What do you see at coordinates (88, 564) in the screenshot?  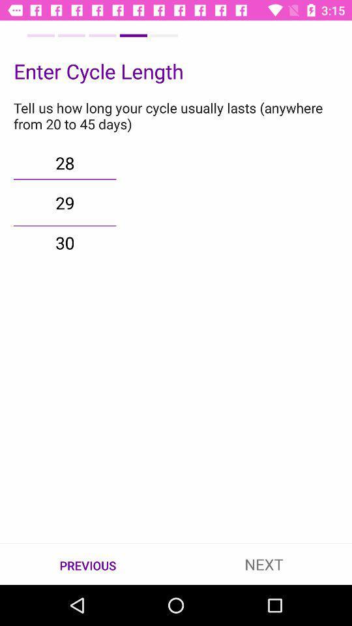 I see `the item next to next` at bounding box center [88, 564].